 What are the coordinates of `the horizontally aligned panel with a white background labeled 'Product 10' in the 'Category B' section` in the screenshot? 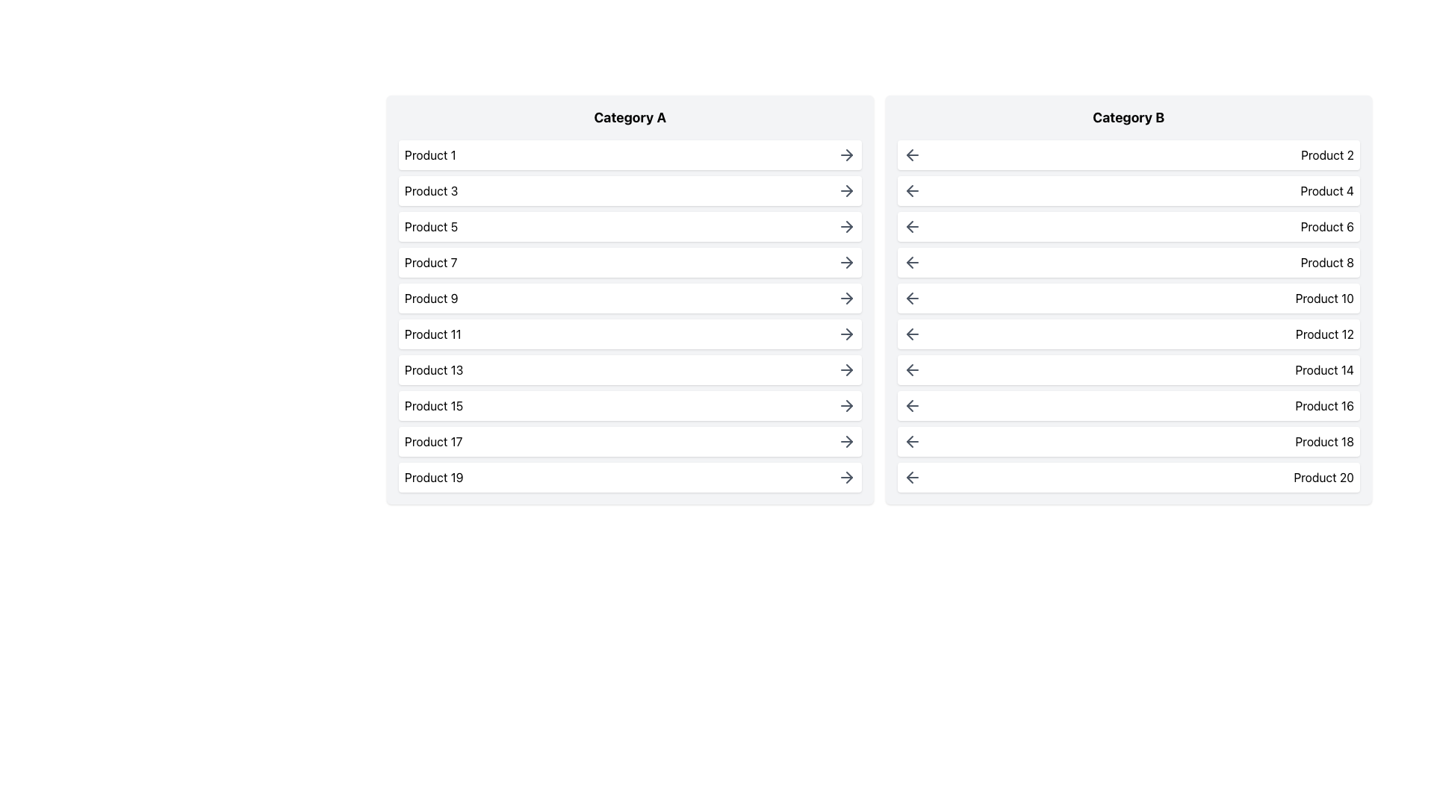 It's located at (1129, 299).